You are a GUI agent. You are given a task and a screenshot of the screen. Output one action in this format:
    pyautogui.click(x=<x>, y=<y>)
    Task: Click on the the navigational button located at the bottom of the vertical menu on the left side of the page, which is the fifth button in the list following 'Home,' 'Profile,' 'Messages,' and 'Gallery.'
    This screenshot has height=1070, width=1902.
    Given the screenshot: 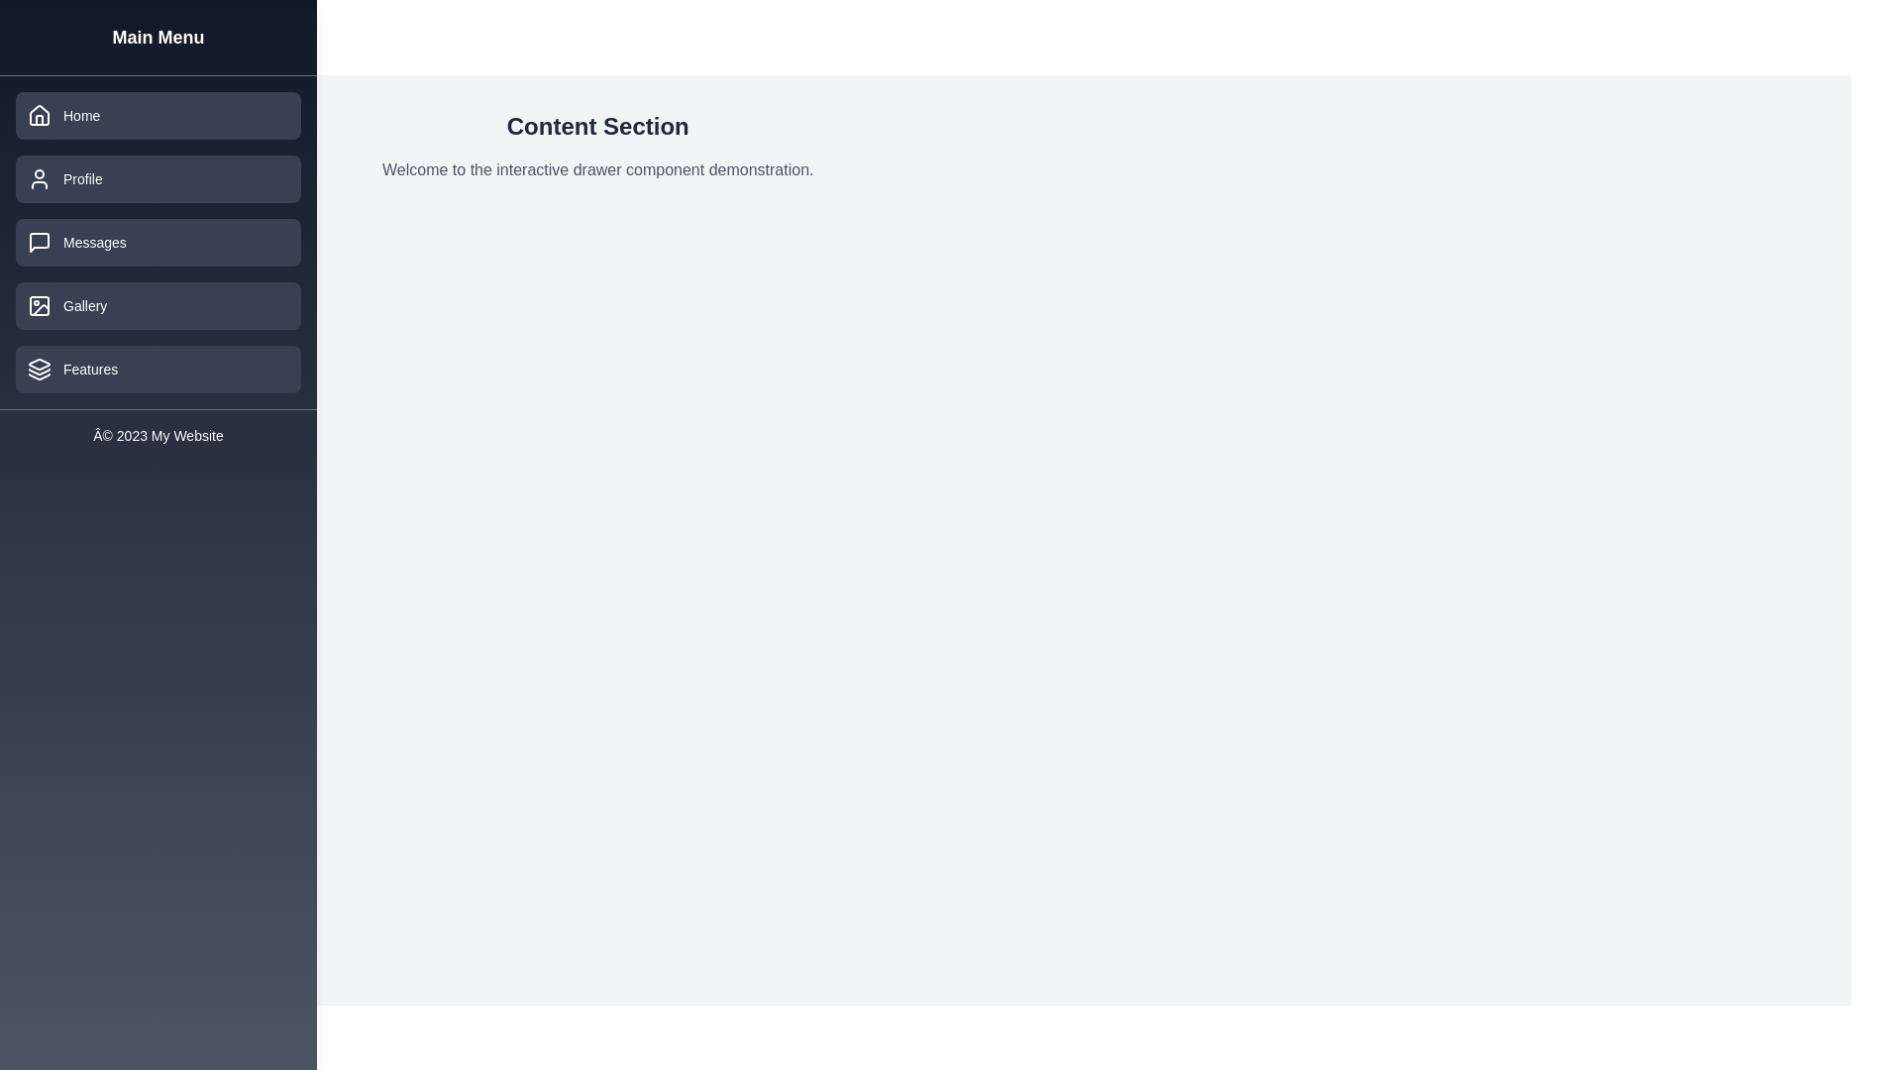 What is the action you would take?
    pyautogui.click(x=157, y=370)
    